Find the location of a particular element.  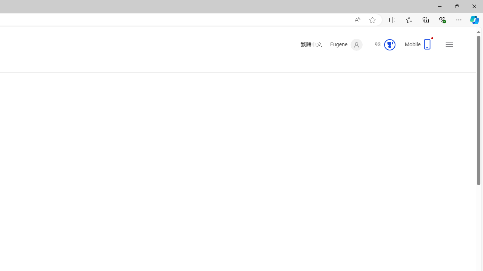

'Class: medal-circled' is located at coordinates (389, 45).